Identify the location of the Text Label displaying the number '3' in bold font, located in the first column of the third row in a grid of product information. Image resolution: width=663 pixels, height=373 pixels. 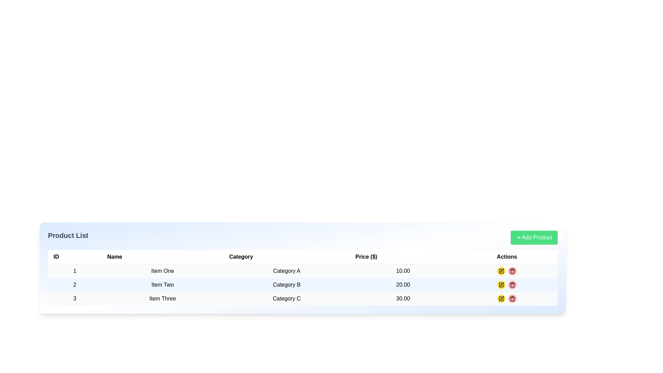
(75, 298).